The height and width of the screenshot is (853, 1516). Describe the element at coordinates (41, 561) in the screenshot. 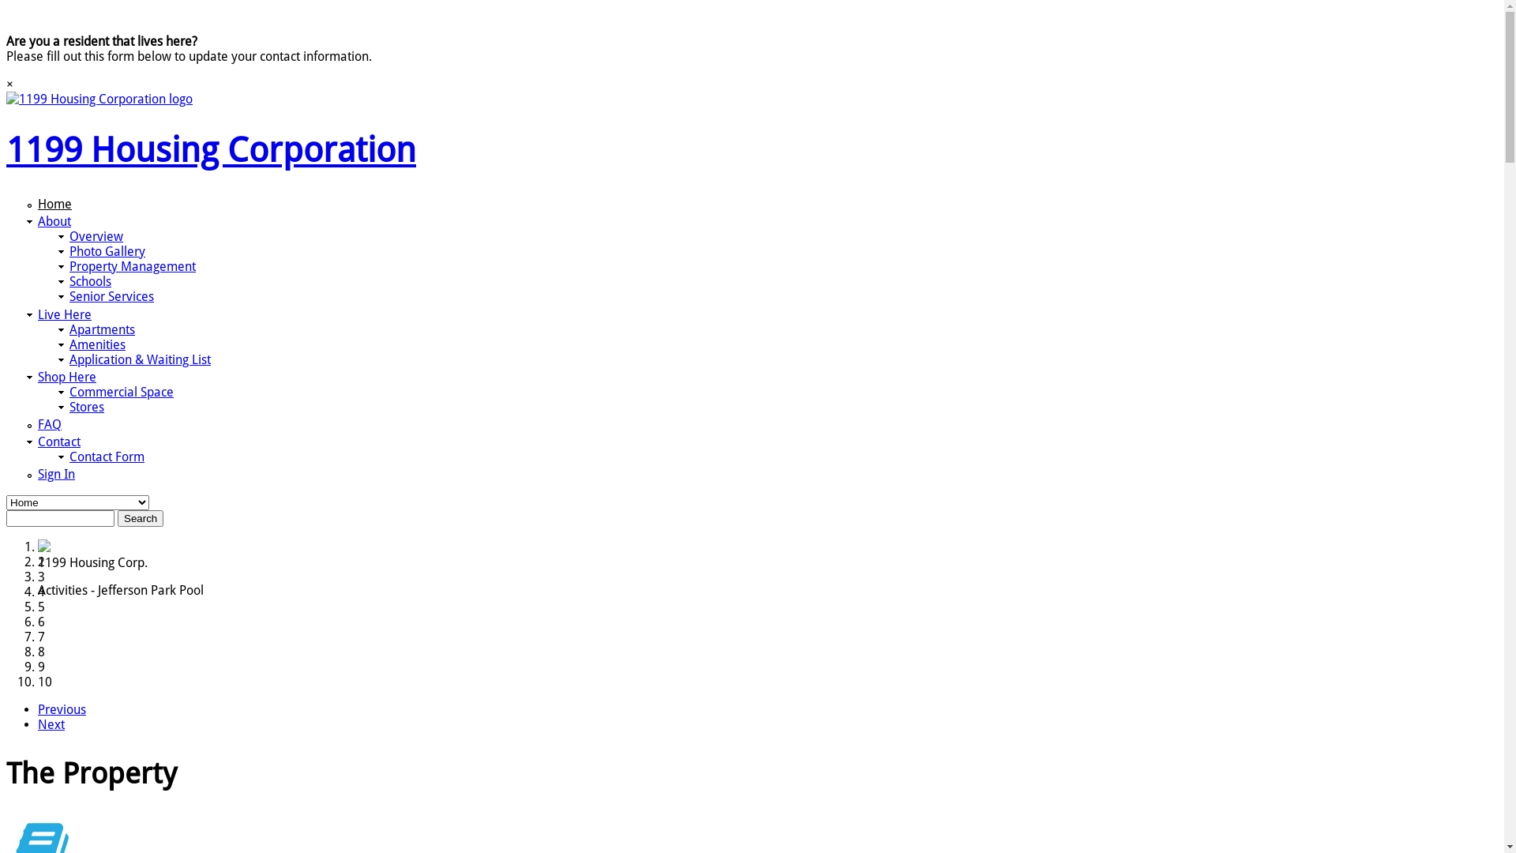

I see `'2'` at that location.